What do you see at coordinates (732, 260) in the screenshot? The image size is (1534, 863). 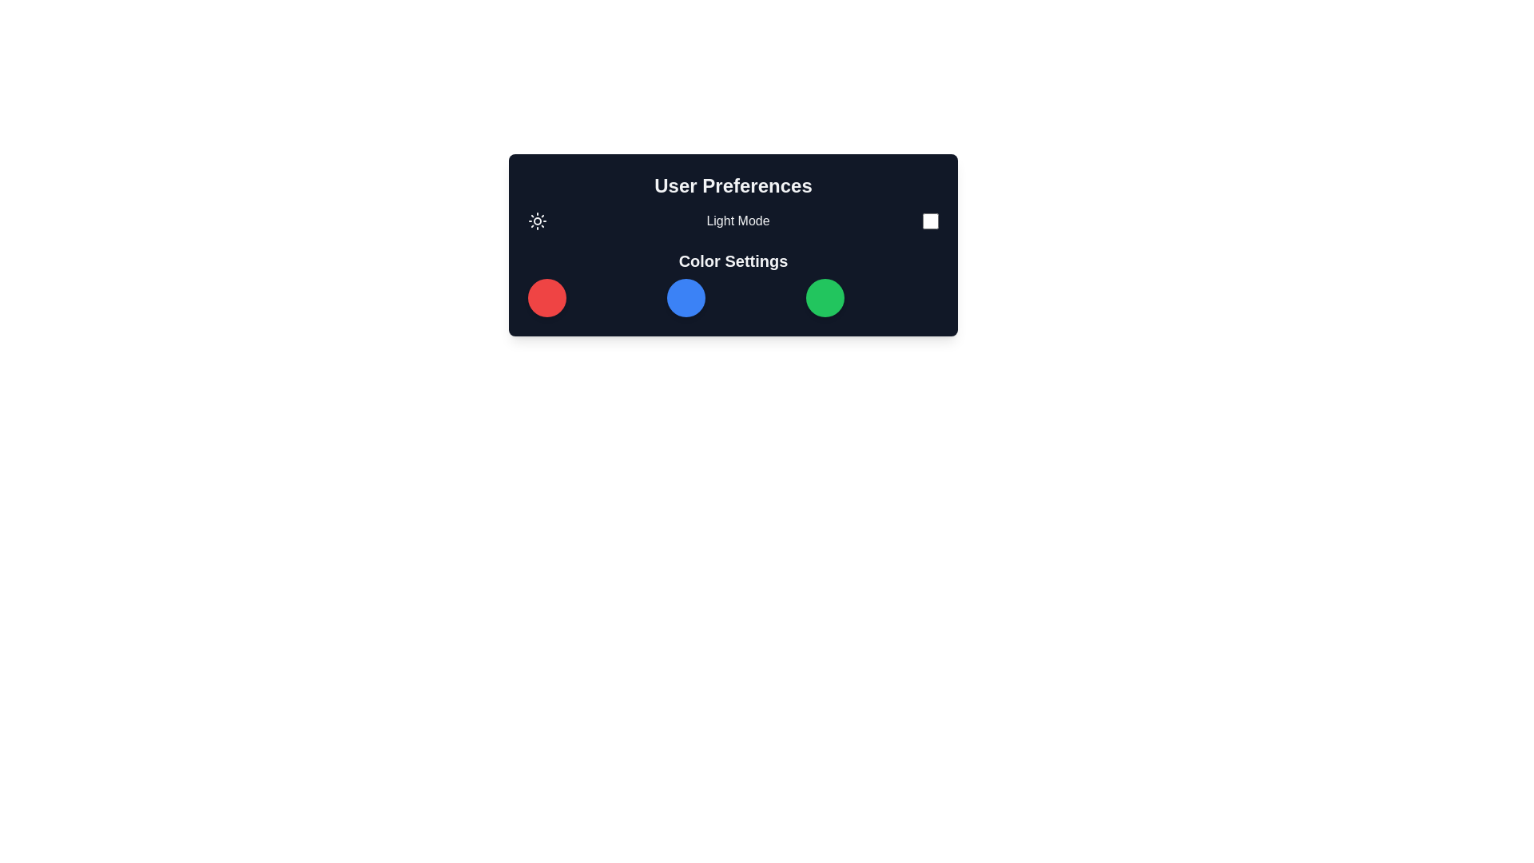 I see `the text label that serves as a title for the color settings section, which is centrally located above the color selection buttons` at bounding box center [732, 260].